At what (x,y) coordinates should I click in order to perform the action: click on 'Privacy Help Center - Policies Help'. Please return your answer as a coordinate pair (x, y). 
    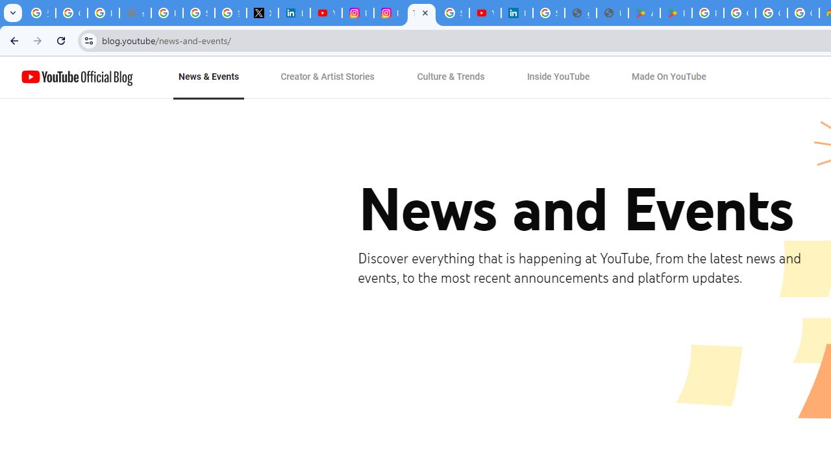
    Looking at the image, I should click on (166, 13).